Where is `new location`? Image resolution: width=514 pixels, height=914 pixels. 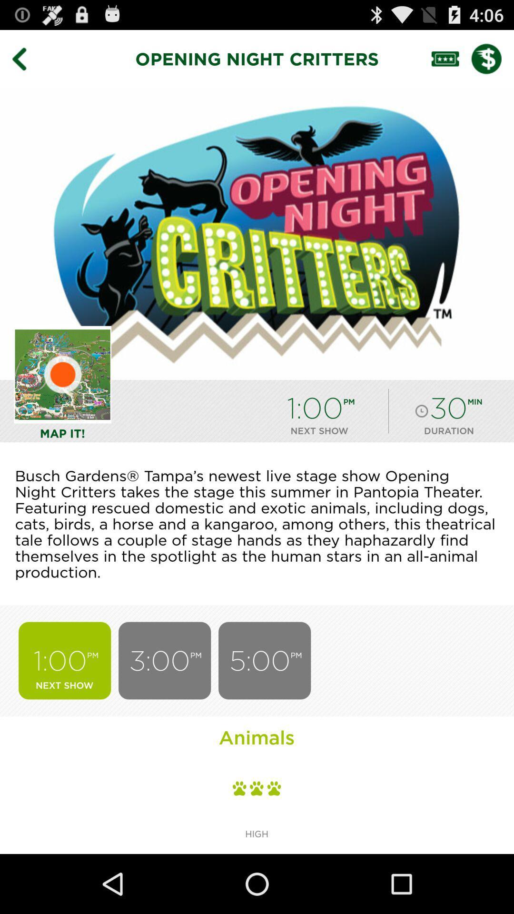 new location is located at coordinates (62, 374).